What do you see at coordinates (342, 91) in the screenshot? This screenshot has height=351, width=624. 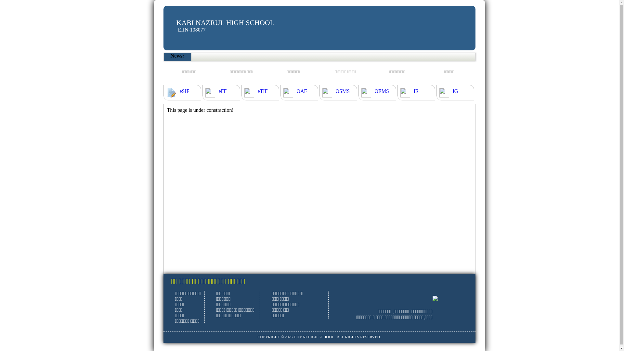 I see `'OSMS'` at bounding box center [342, 91].